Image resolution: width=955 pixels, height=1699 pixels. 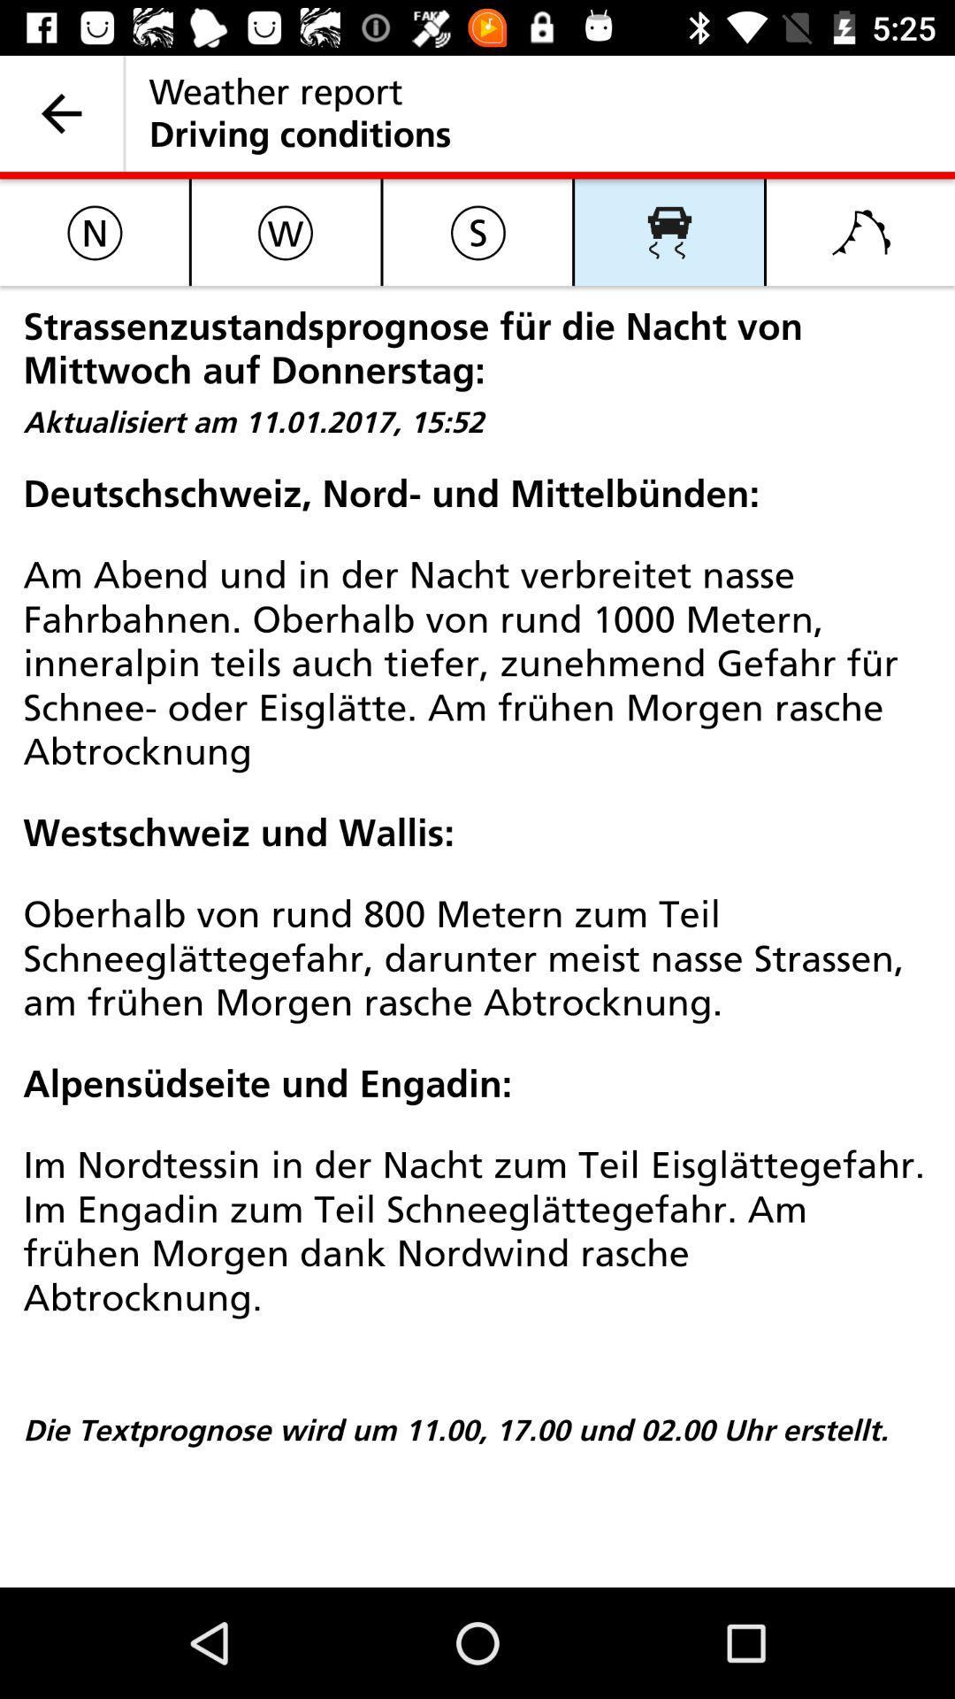 What do you see at coordinates (60, 112) in the screenshot?
I see `the icon next to weather report` at bounding box center [60, 112].